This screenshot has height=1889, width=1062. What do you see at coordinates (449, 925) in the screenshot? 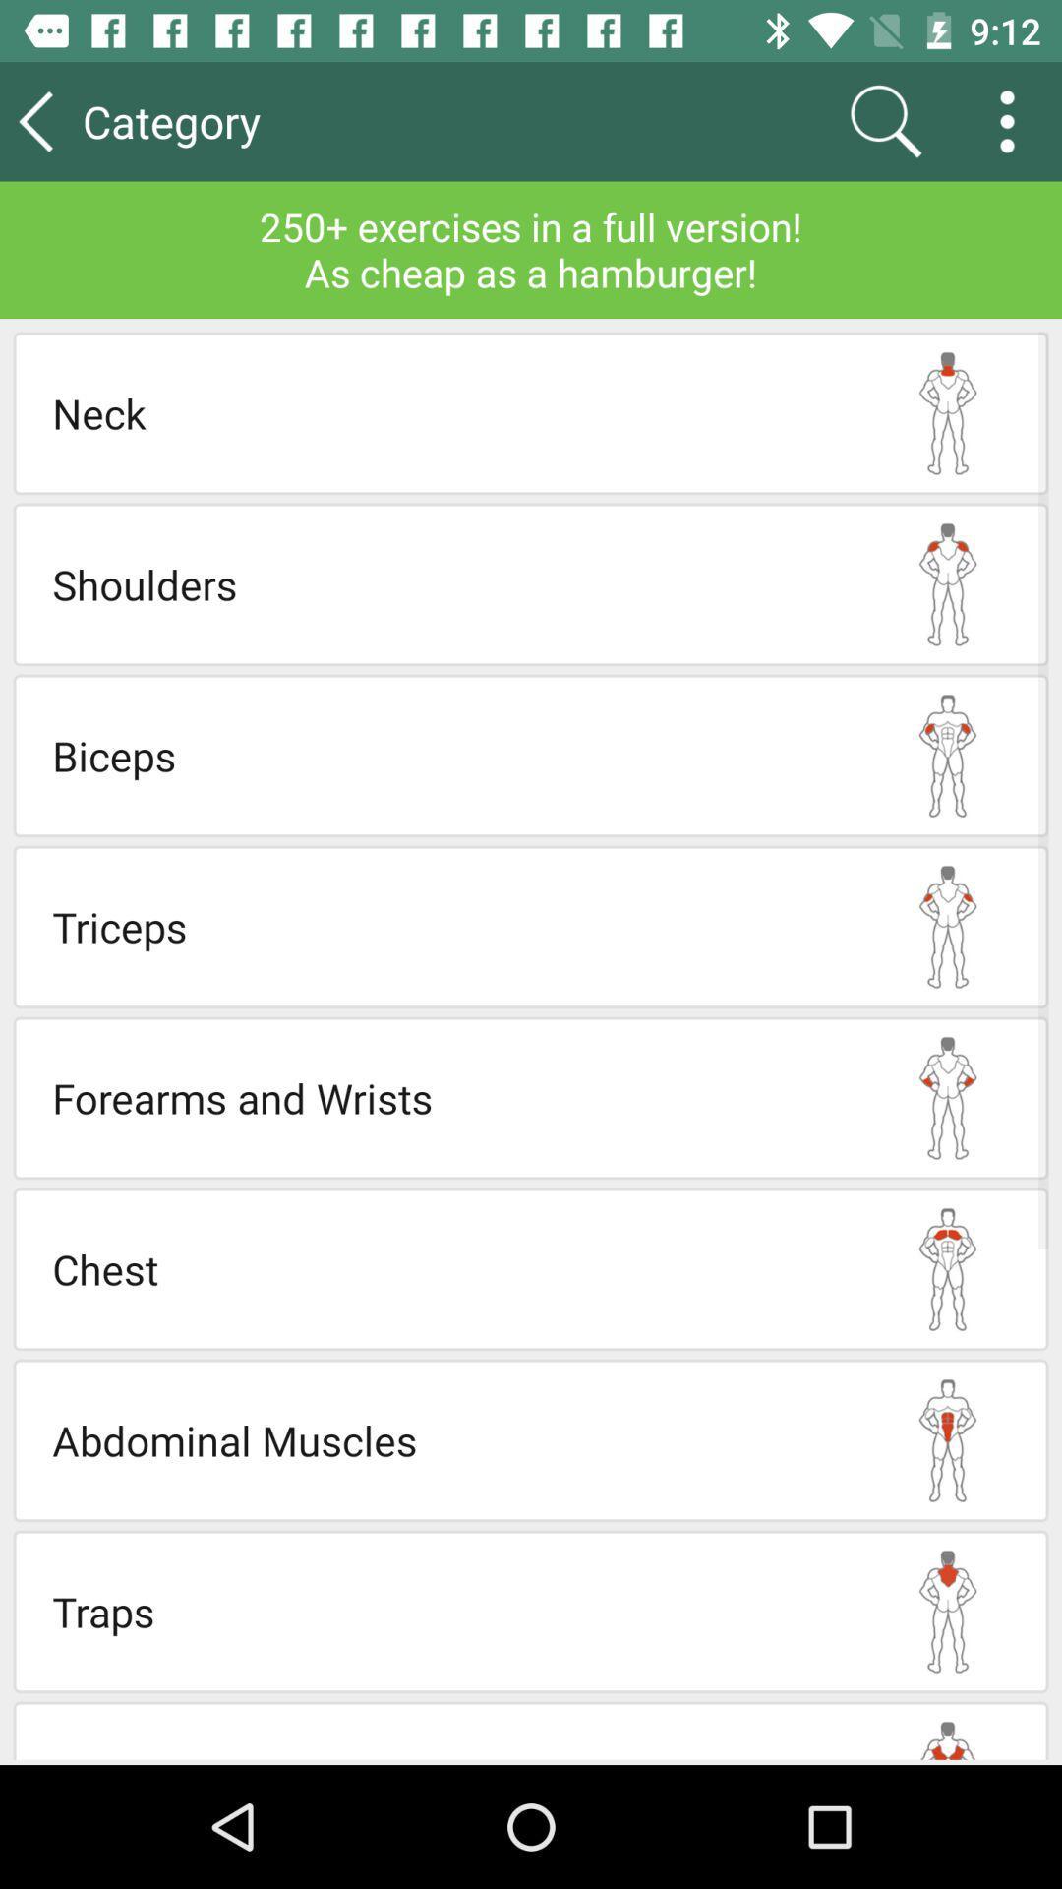
I see `triceps icon` at bounding box center [449, 925].